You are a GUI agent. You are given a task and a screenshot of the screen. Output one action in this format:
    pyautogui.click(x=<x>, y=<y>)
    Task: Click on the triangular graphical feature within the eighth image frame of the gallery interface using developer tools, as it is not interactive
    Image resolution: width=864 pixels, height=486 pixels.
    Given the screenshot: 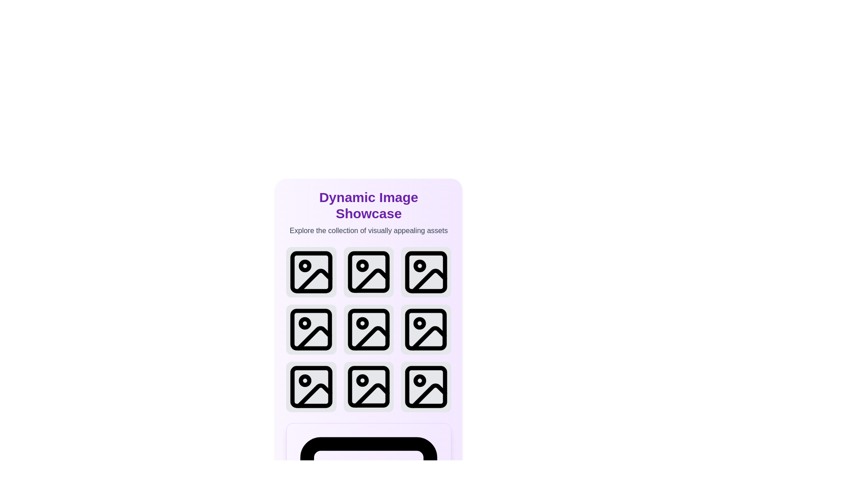 What is the action you would take?
    pyautogui.click(x=372, y=395)
    